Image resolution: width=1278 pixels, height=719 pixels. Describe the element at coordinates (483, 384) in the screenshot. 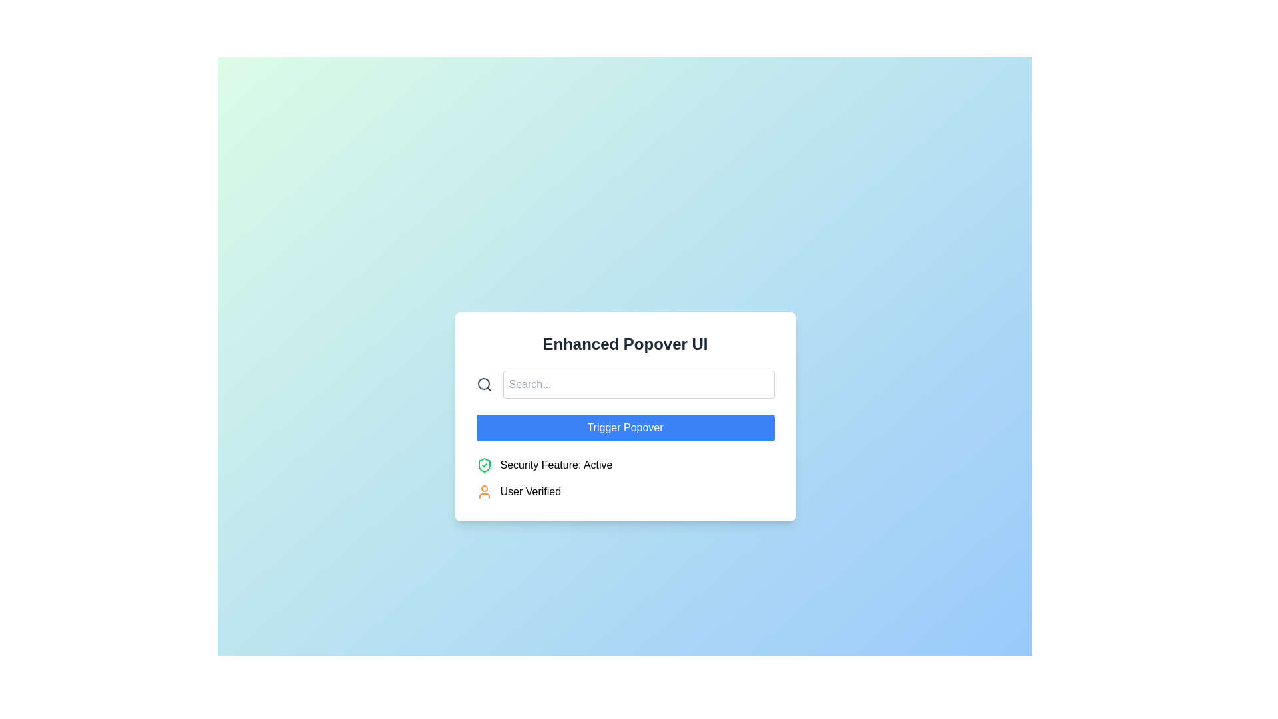

I see `the circular lens part of the search icon, which visually enhances the representation of the search function` at that location.